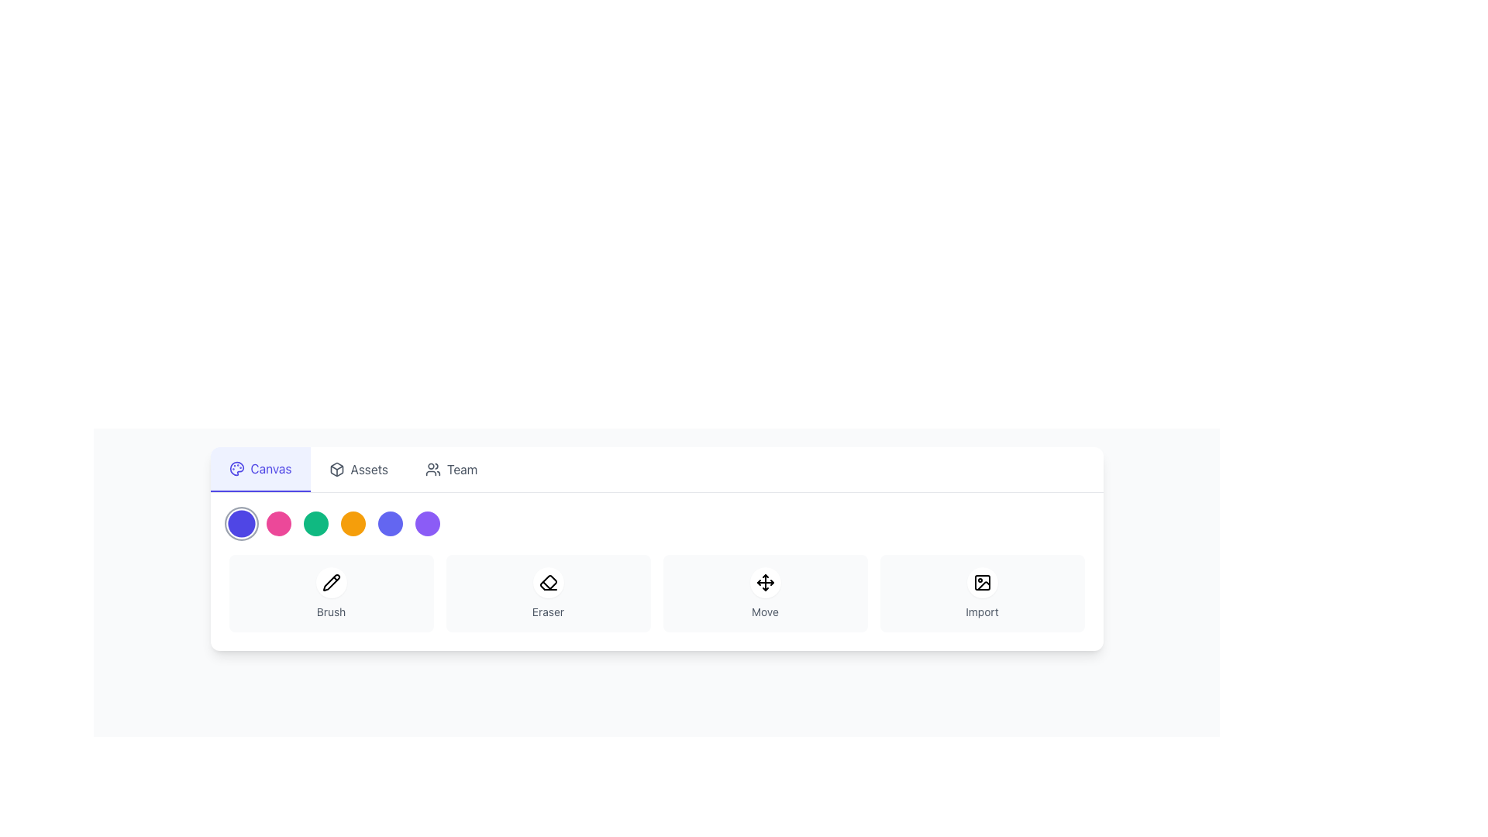 This screenshot has height=837, width=1488. I want to click on the first circular button with a blue fill and gray border, styled with a glowing effect, so click(240, 523).